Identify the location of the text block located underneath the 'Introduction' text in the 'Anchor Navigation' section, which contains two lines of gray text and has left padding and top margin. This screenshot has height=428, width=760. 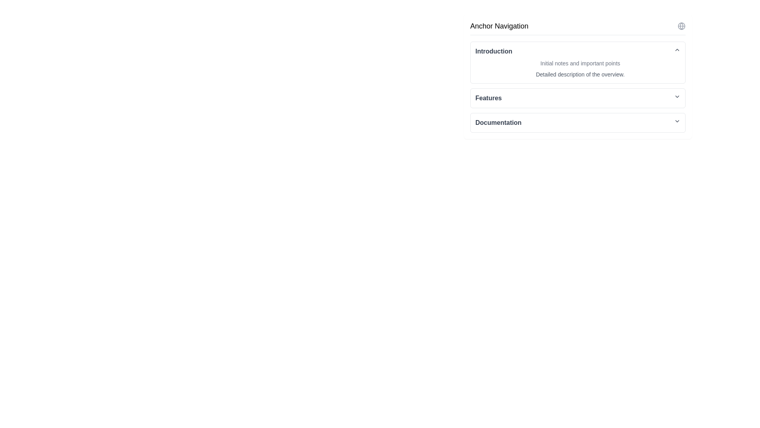
(578, 67).